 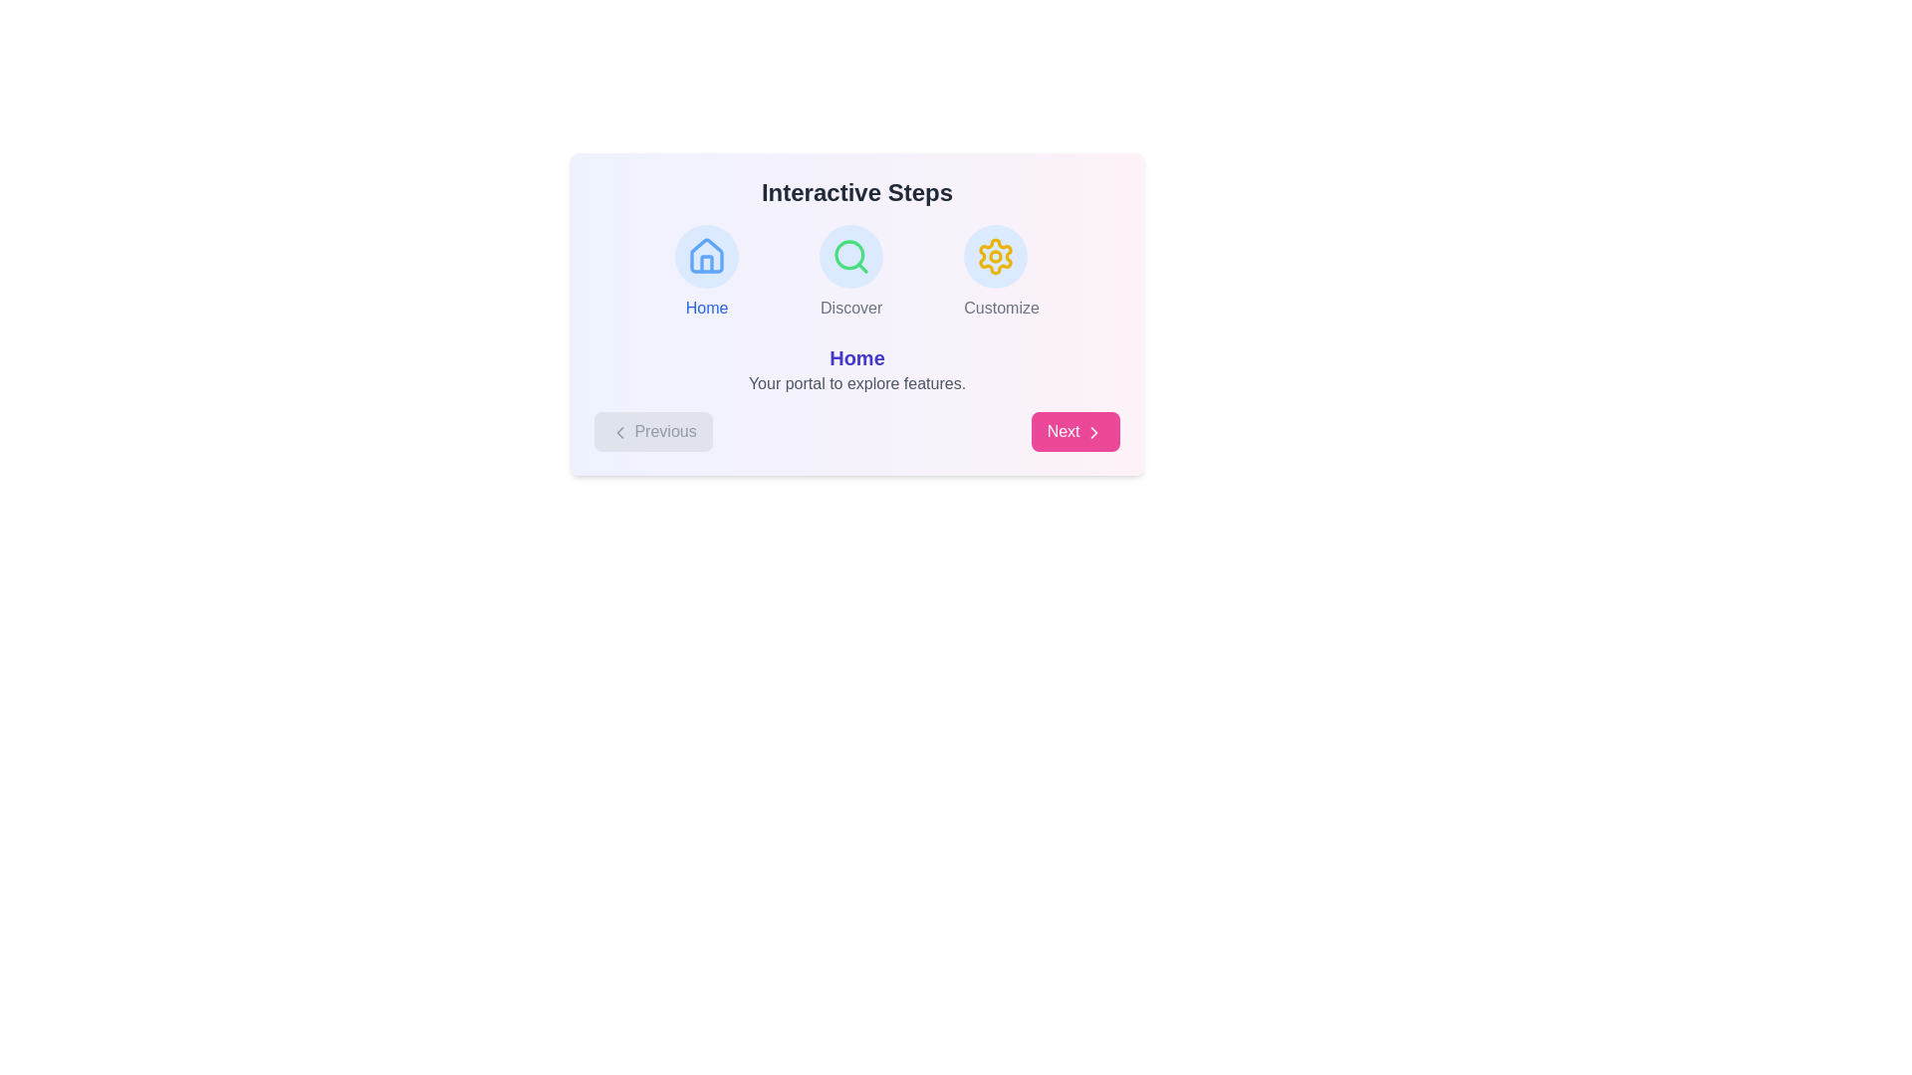 What do you see at coordinates (996, 256) in the screenshot?
I see `the yellow gear-shaped icon that represents the settings or customization feature, positioned to the right of the 'Discover' icon` at bounding box center [996, 256].